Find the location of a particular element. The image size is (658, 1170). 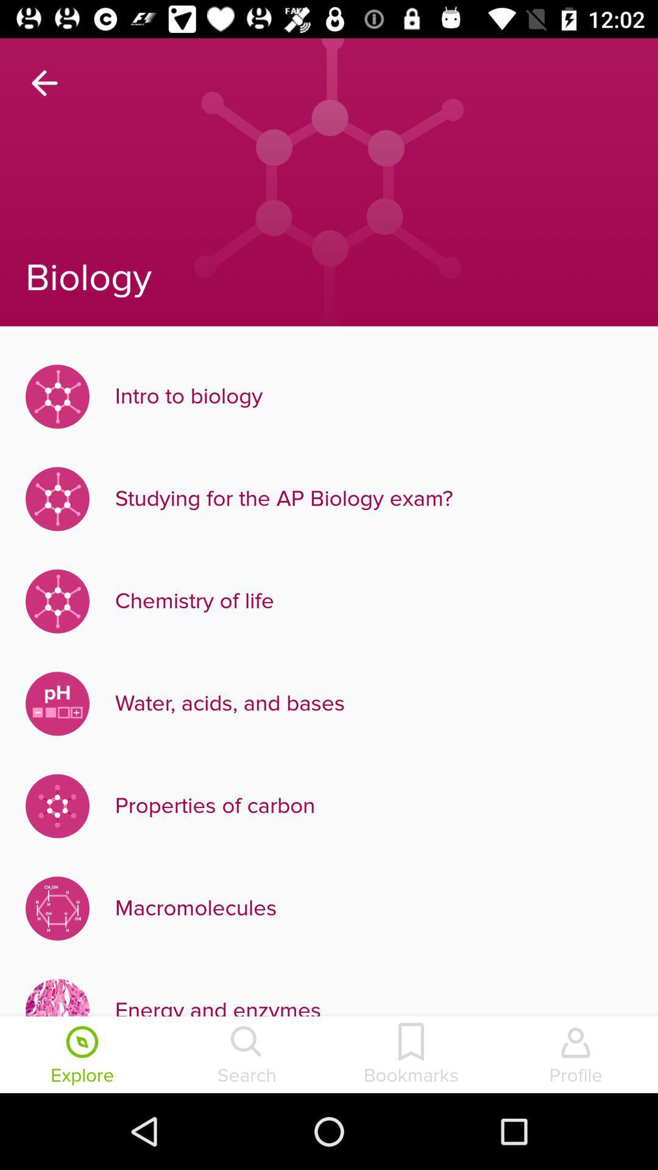

the item to the right of bookmarks item is located at coordinates (576, 1055).